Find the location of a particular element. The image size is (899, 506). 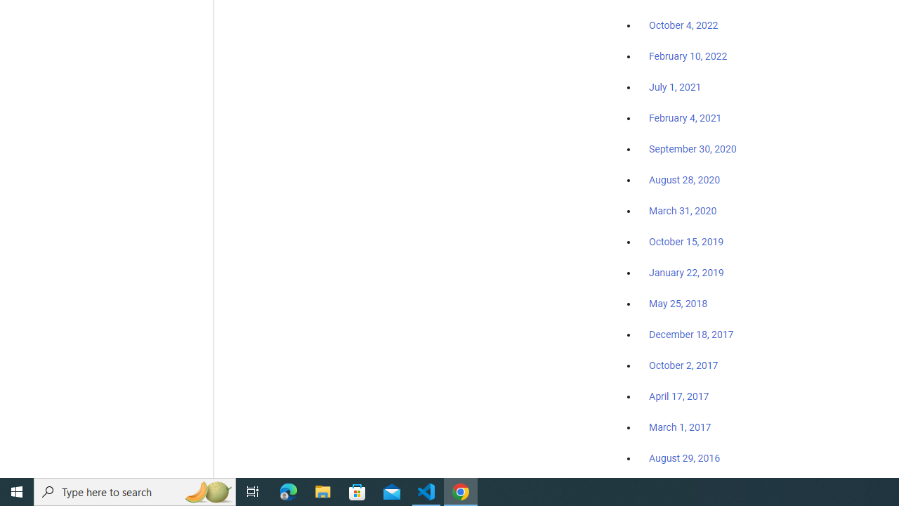

'October 2, 2017' is located at coordinates (683, 365).